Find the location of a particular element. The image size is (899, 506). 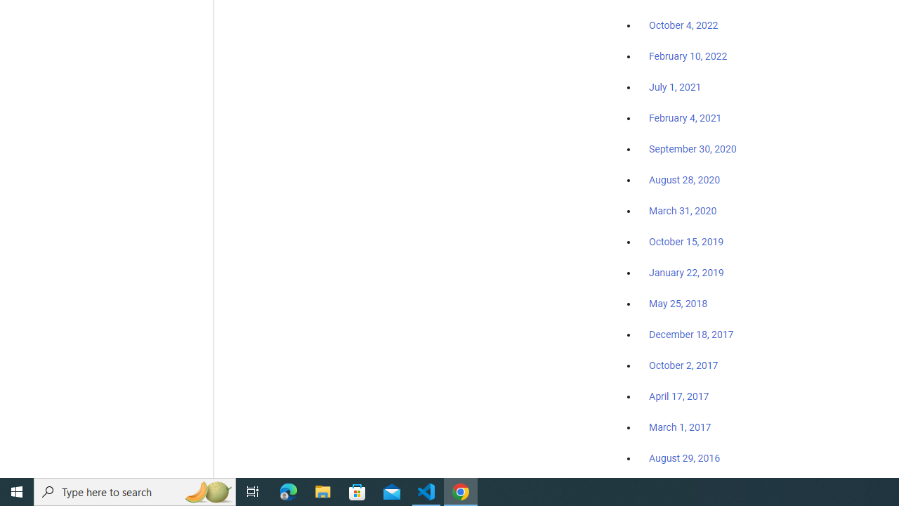

'October 2, 2017' is located at coordinates (683, 365).